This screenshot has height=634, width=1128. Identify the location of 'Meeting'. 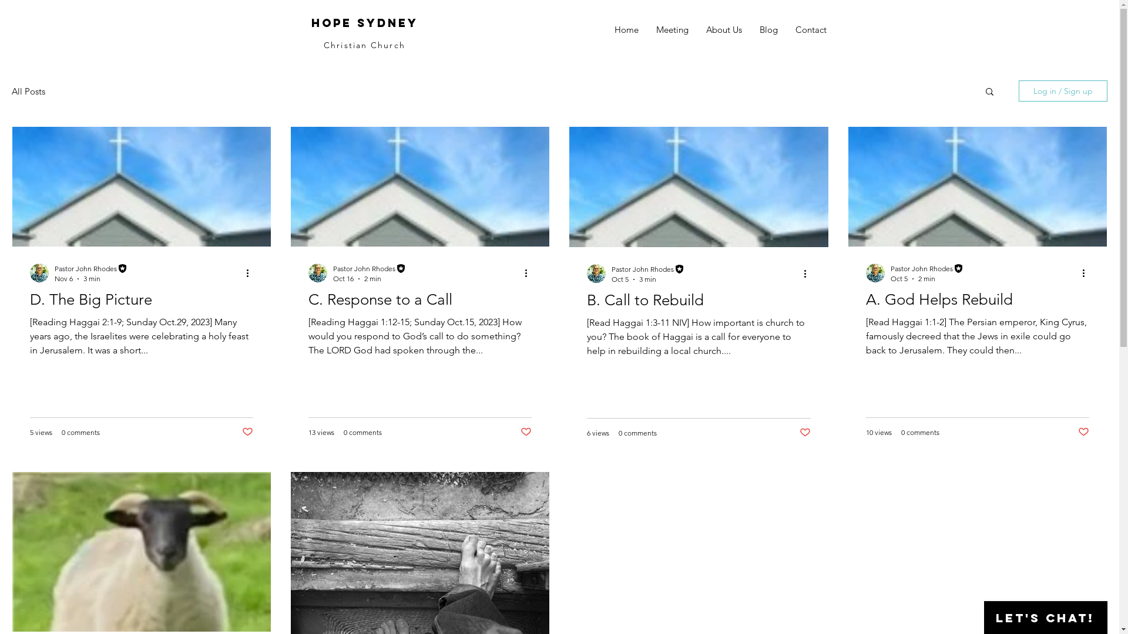
(672, 29).